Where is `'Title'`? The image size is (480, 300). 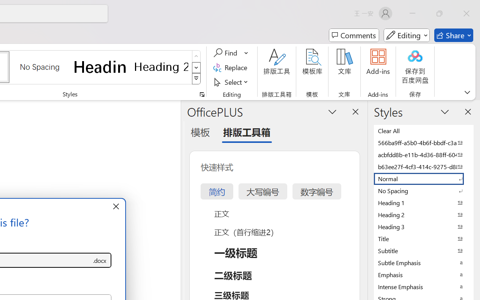 'Title' is located at coordinates (424, 238).